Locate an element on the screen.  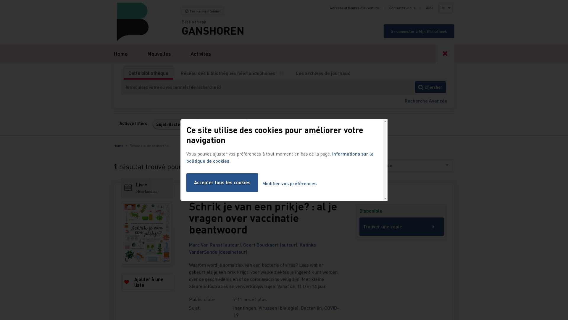
'Marc Van Ranst (auteur),' is located at coordinates (216, 244).